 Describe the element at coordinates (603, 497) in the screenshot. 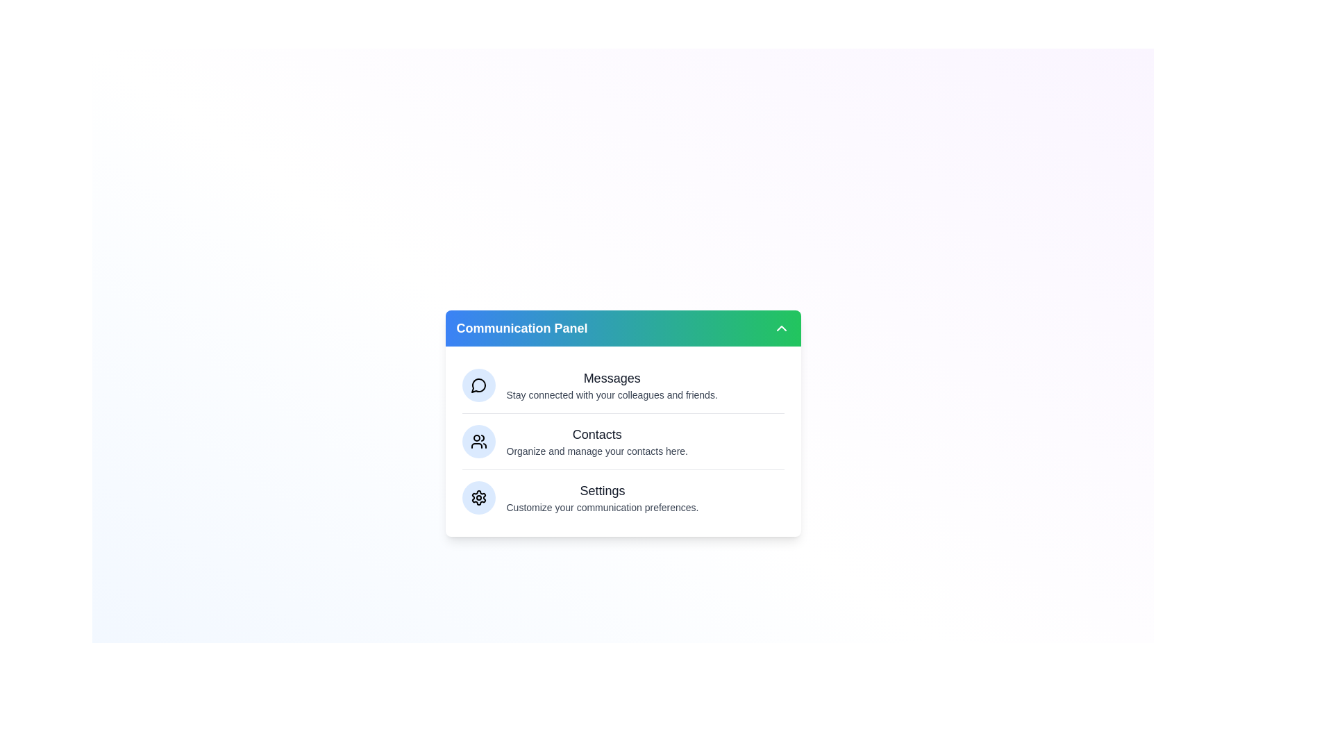

I see `the 'Settings' section to activate it` at that location.